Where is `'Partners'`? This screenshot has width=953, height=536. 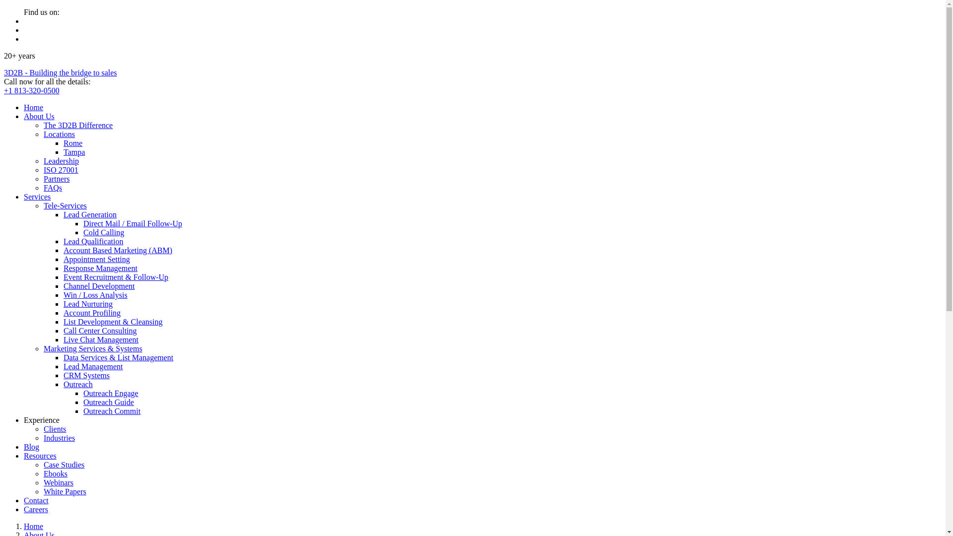
'Partners' is located at coordinates (56, 179).